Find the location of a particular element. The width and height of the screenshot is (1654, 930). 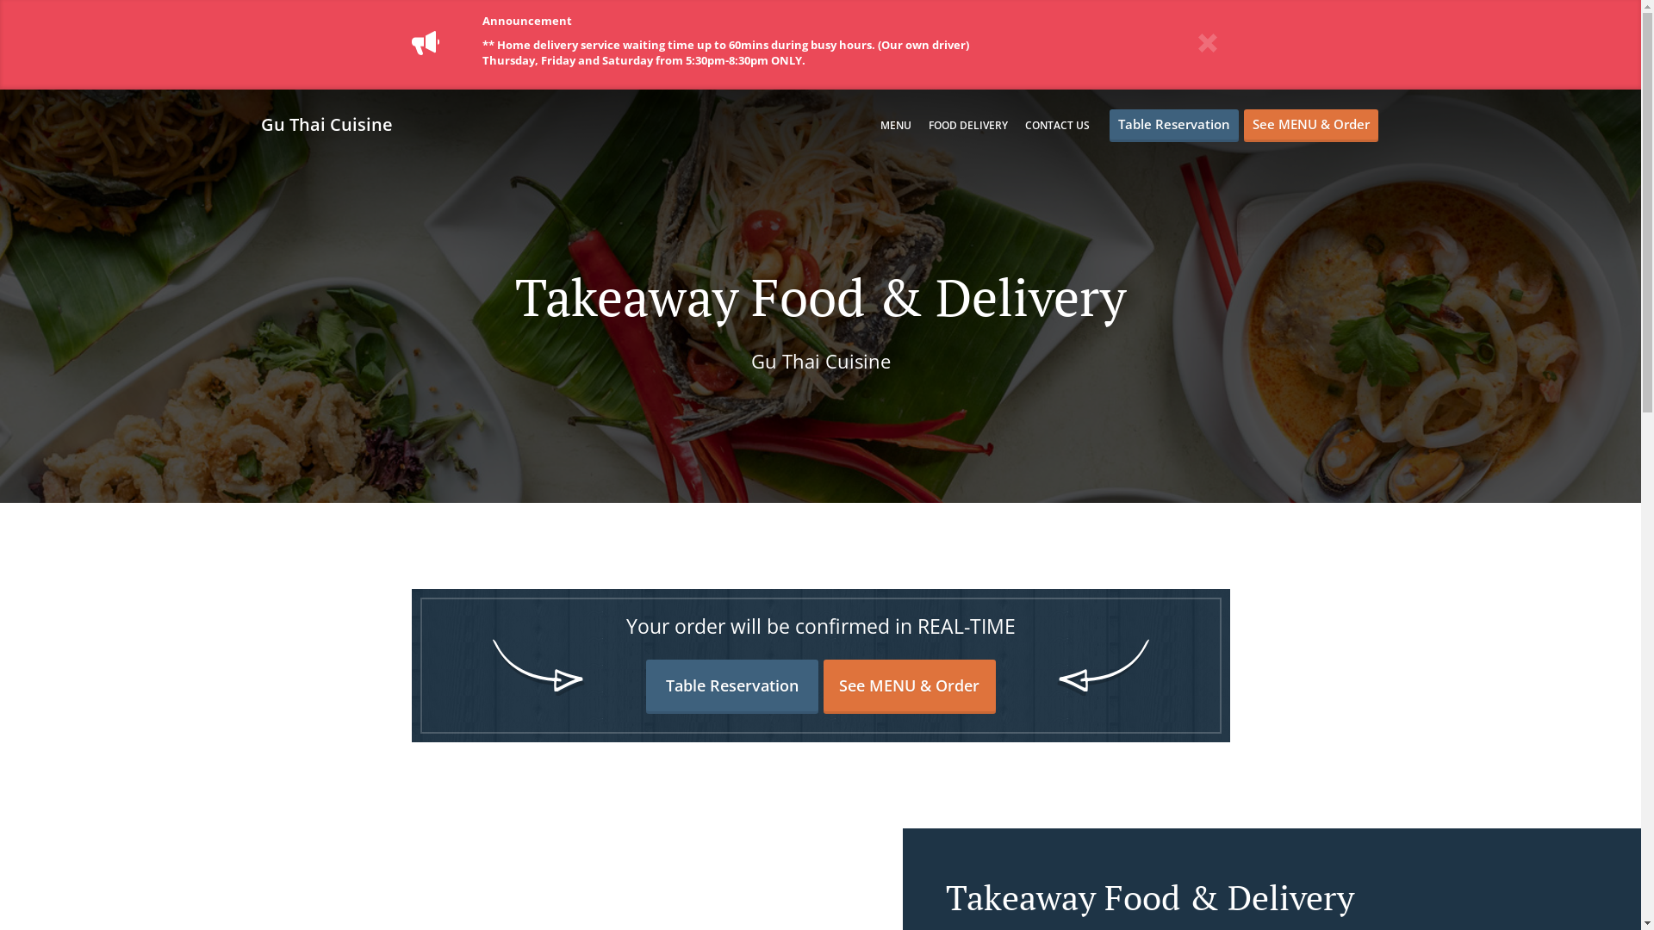

'CONTACT US' is located at coordinates (1056, 124).